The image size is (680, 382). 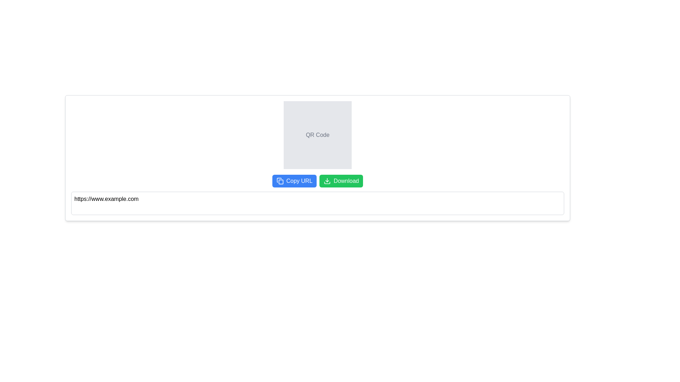 What do you see at coordinates (280, 181) in the screenshot?
I see `the blue rectangular icon with rounded corners, approximately 14x14 pixels, located inside a larger icon-like structure near the top-right of the interface` at bounding box center [280, 181].